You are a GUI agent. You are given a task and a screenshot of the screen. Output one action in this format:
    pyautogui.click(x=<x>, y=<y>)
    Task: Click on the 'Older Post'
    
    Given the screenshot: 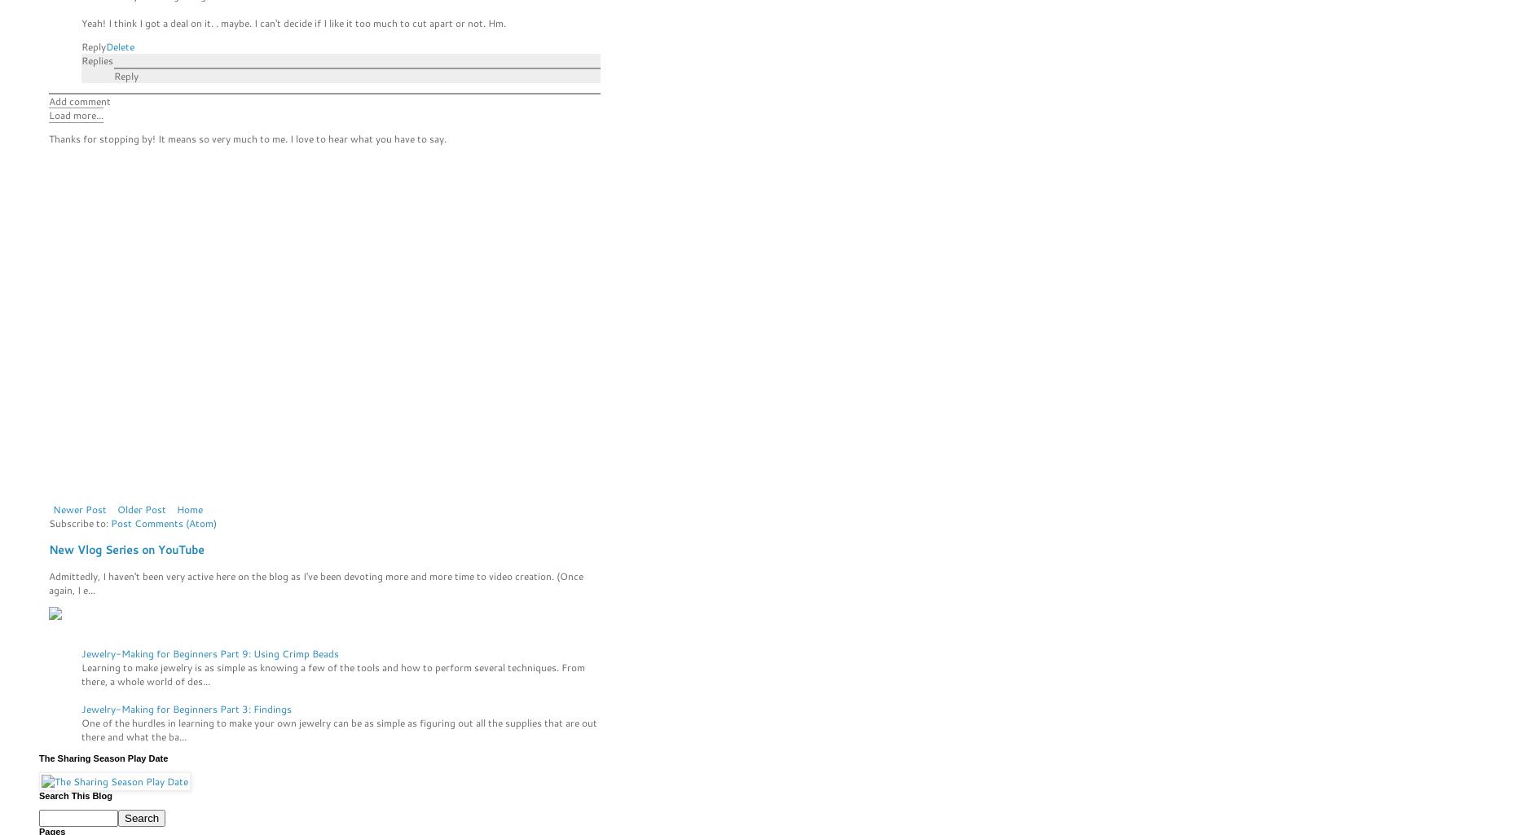 What is the action you would take?
    pyautogui.click(x=141, y=508)
    